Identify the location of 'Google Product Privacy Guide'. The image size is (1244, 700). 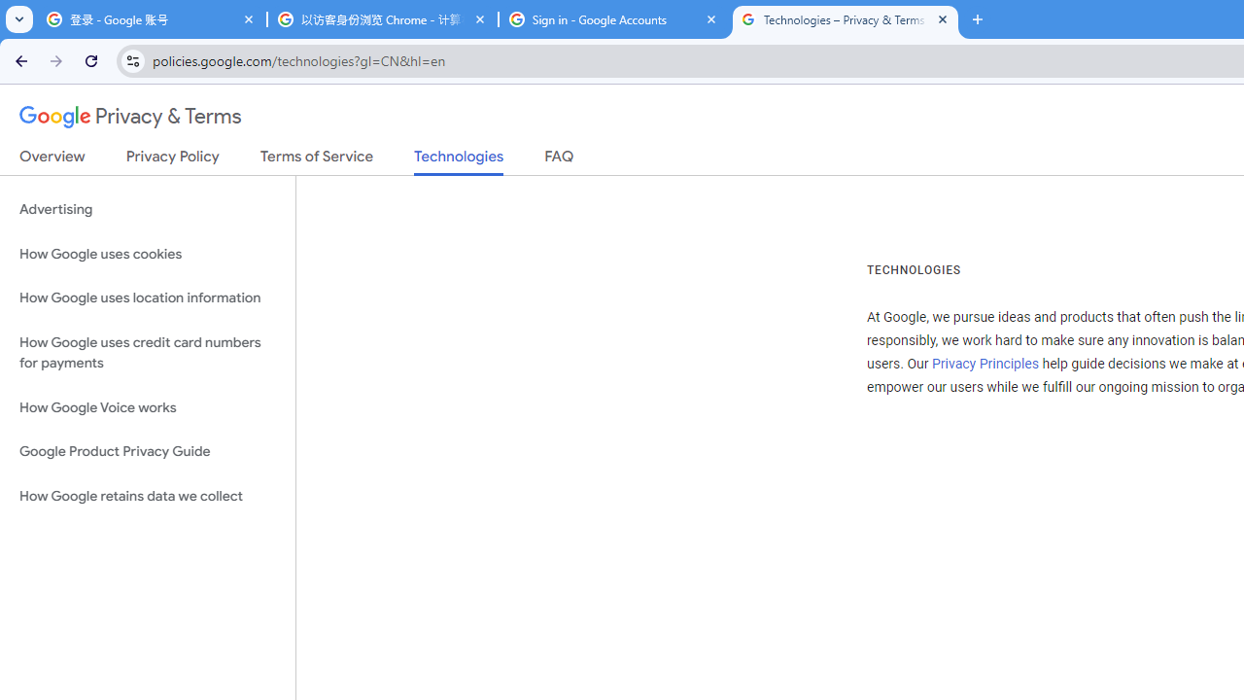
(147, 452).